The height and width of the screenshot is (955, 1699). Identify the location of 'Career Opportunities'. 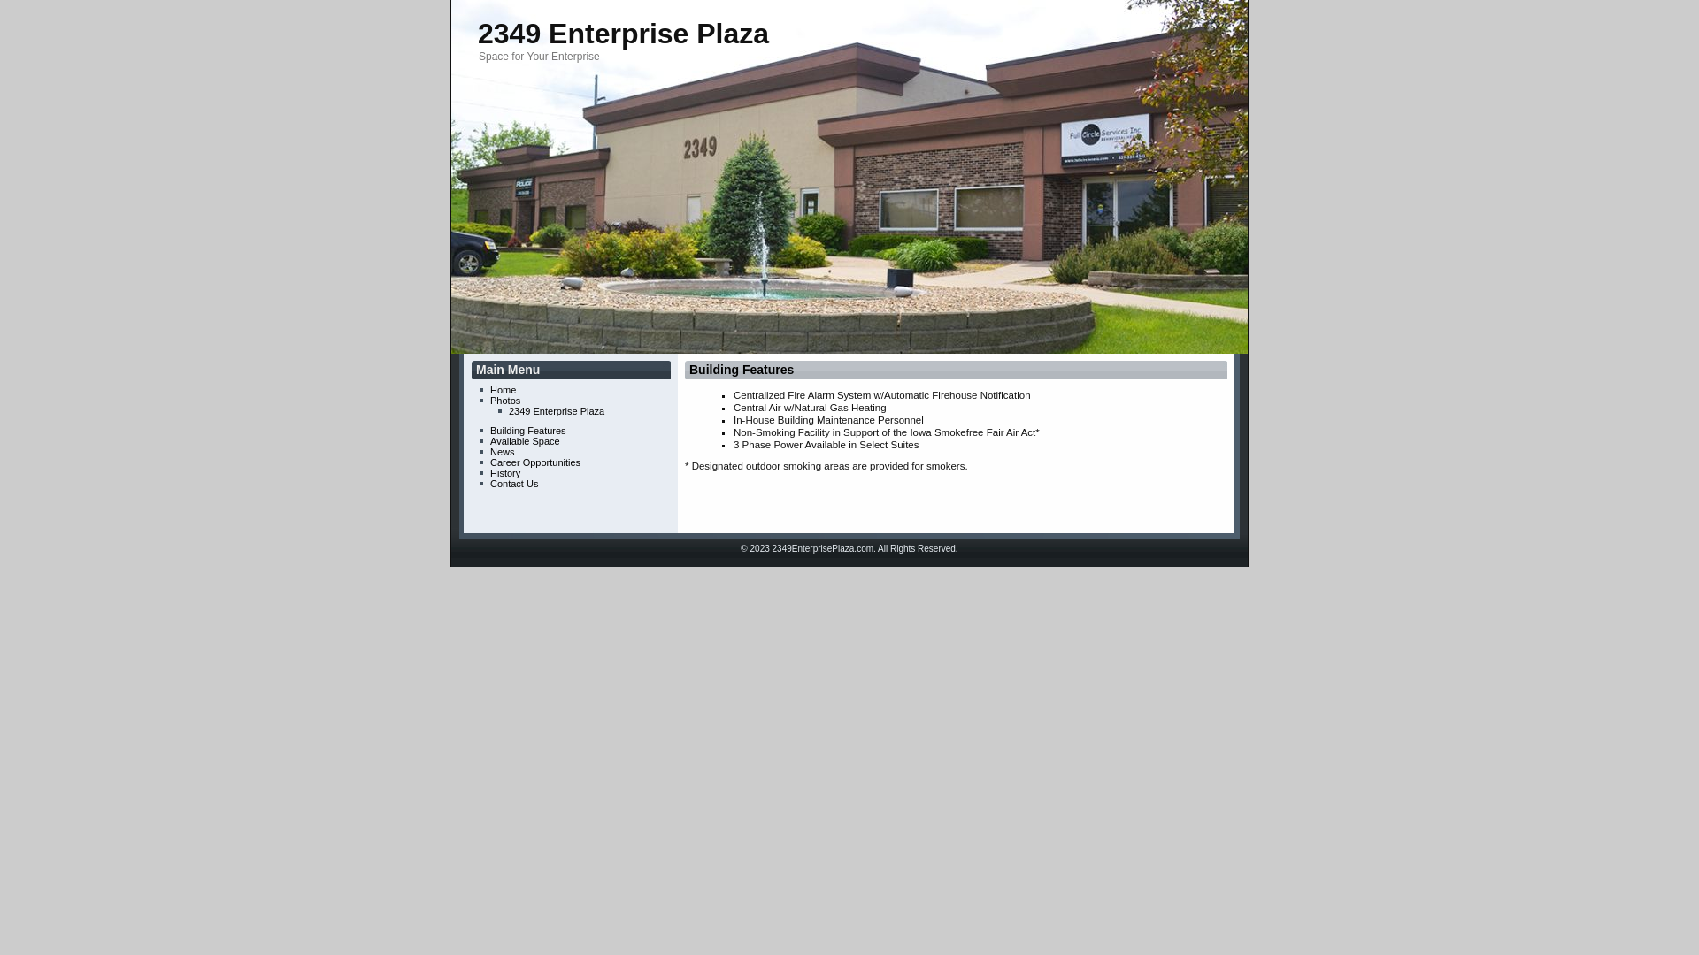
(534, 462).